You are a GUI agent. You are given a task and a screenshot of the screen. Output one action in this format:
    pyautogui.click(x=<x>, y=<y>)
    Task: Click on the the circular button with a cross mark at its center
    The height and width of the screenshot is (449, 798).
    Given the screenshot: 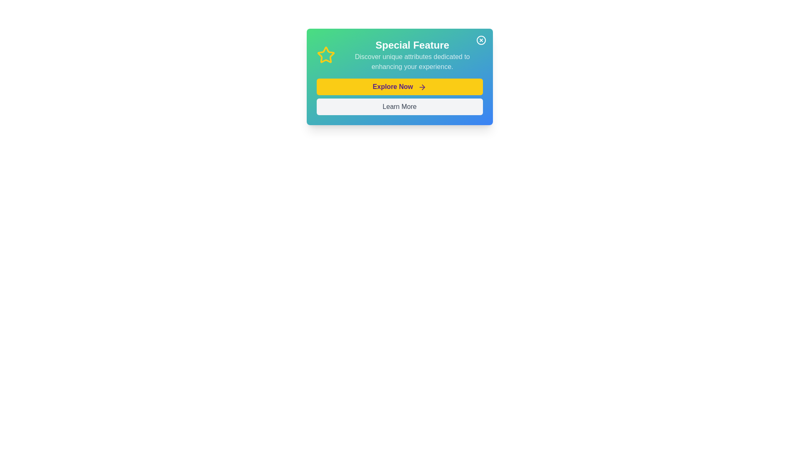 What is the action you would take?
    pyautogui.click(x=481, y=40)
    